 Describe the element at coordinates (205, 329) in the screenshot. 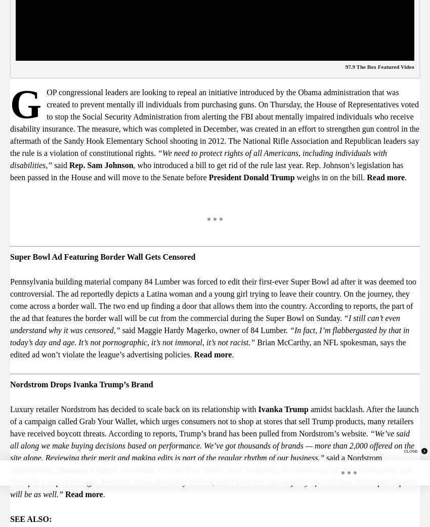

I see `'said Maggie Hardy Magerko, owner of 84 Lumber.'` at that location.